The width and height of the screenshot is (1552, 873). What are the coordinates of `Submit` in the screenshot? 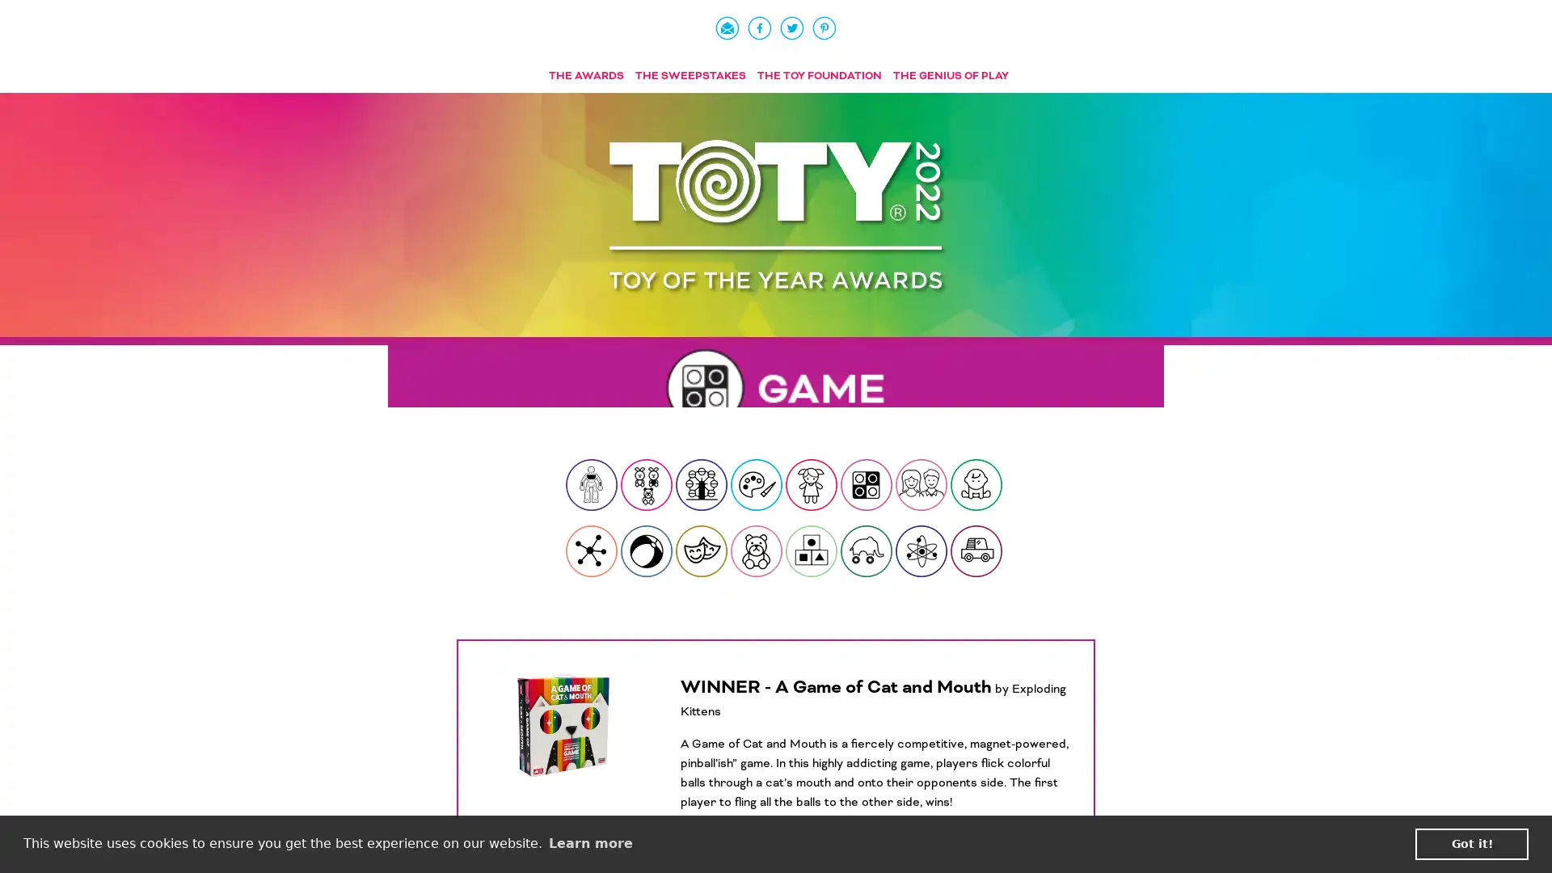 It's located at (921, 550).